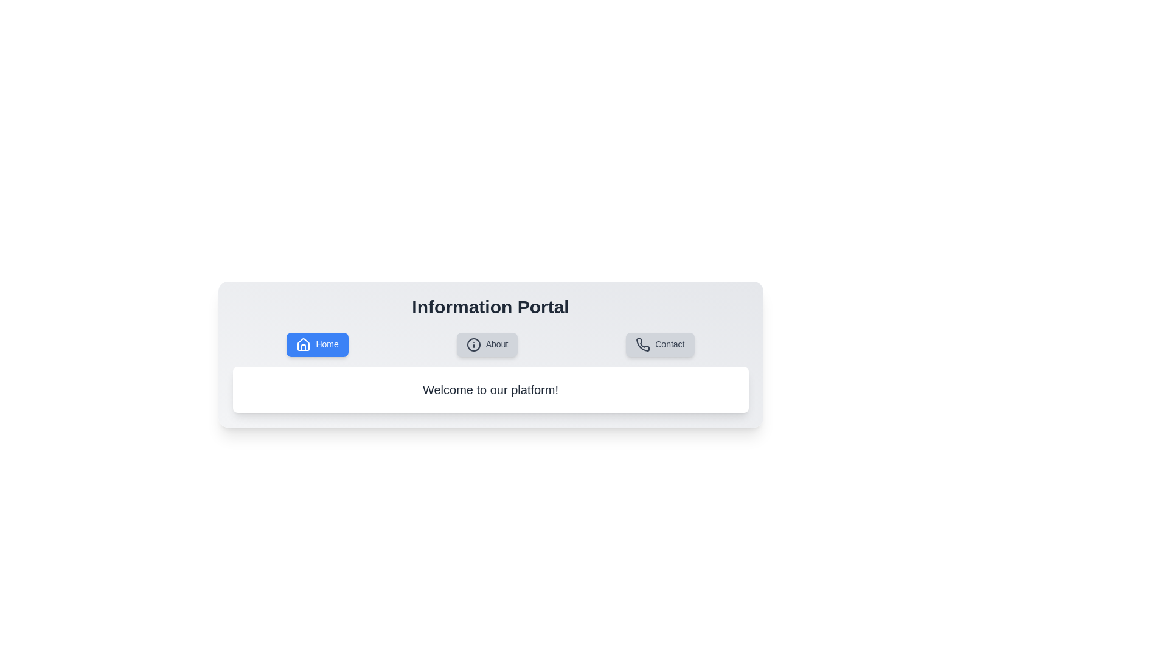 The image size is (1168, 657). Describe the element at coordinates (490, 307) in the screenshot. I see `the Text Label located at the top-center of the interface, which serves as the title or header above the navigational buttons` at that location.